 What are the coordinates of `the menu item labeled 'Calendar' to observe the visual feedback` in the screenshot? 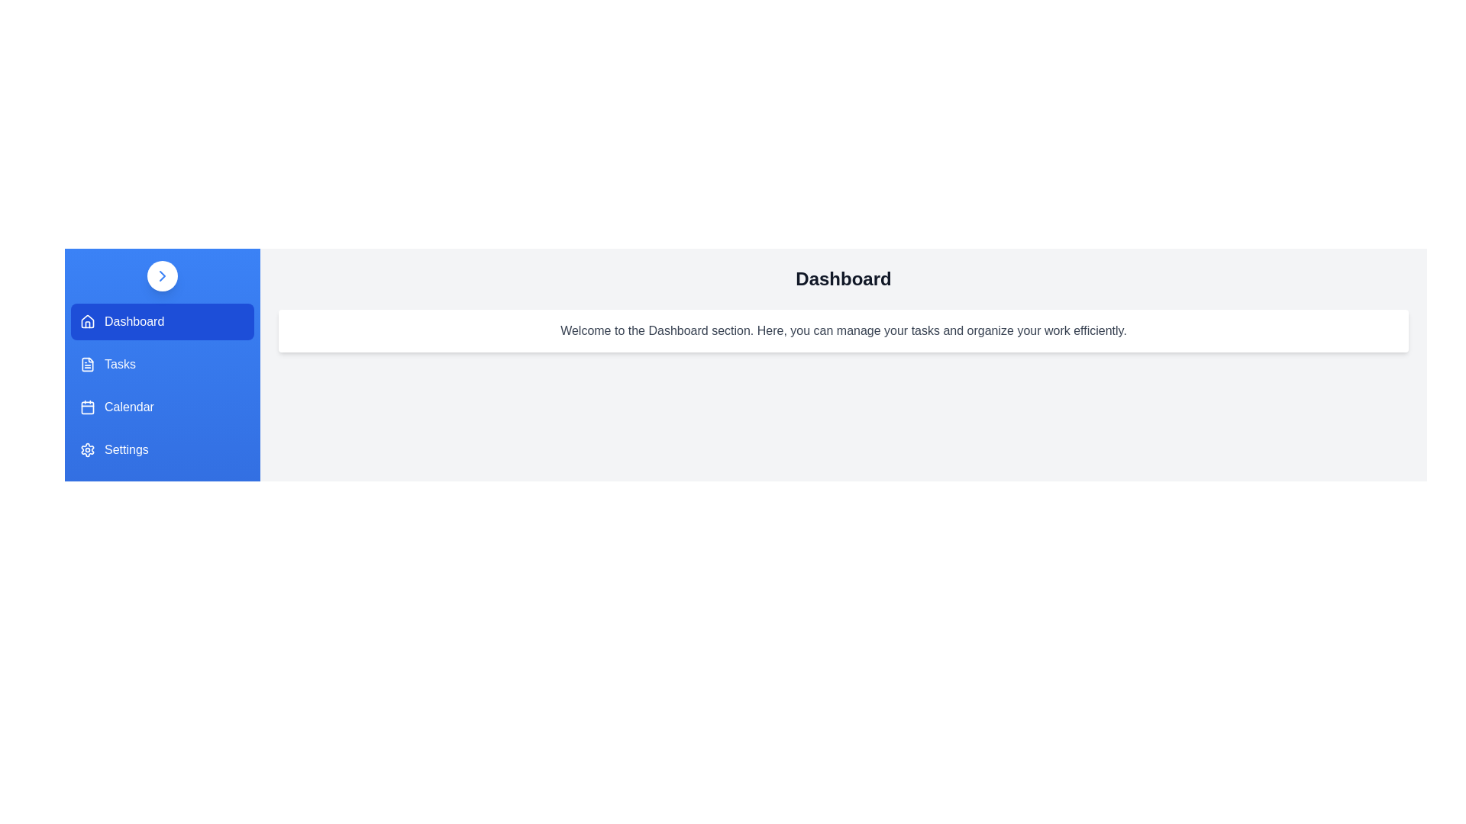 It's located at (162, 406).